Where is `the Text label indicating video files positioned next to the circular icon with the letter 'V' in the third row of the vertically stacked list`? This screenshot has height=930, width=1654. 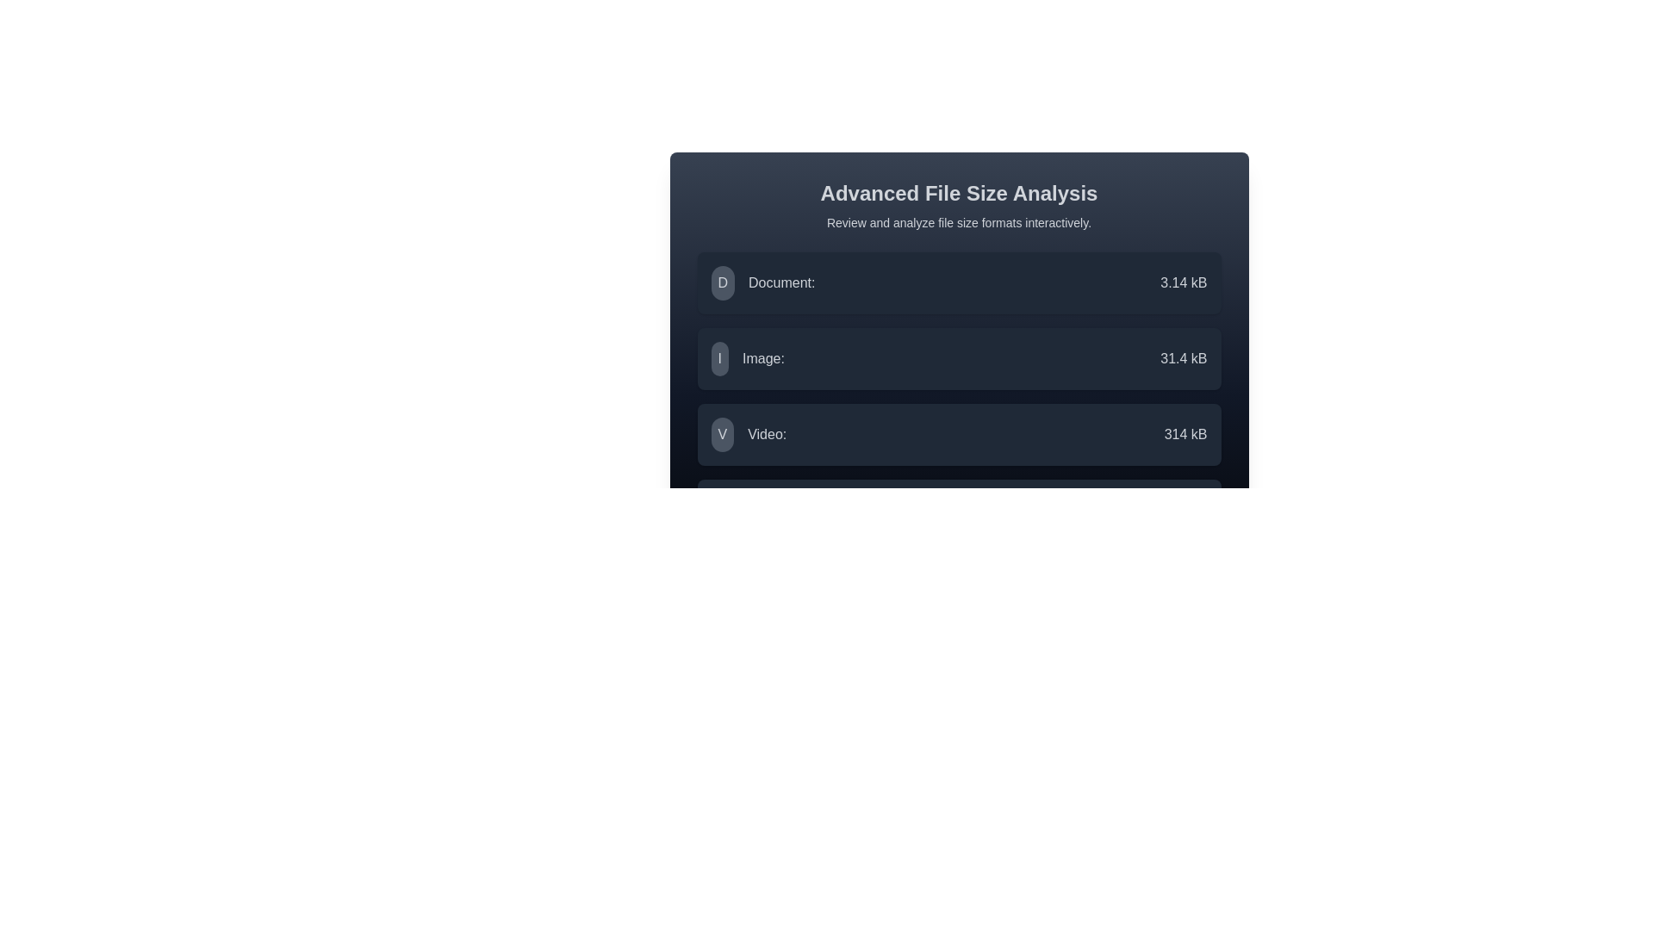 the Text label indicating video files positioned next to the circular icon with the letter 'V' in the third row of the vertically stacked list is located at coordinates (766, 434).